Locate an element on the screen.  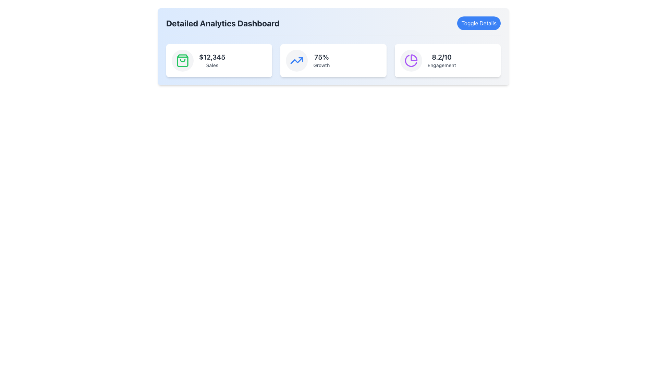
displayed rating value '8.2/10' from the bold dark gray text in the Engagement card of the dashboard, positioned above the label 'Engagement' is located at coordinates (442, 57).